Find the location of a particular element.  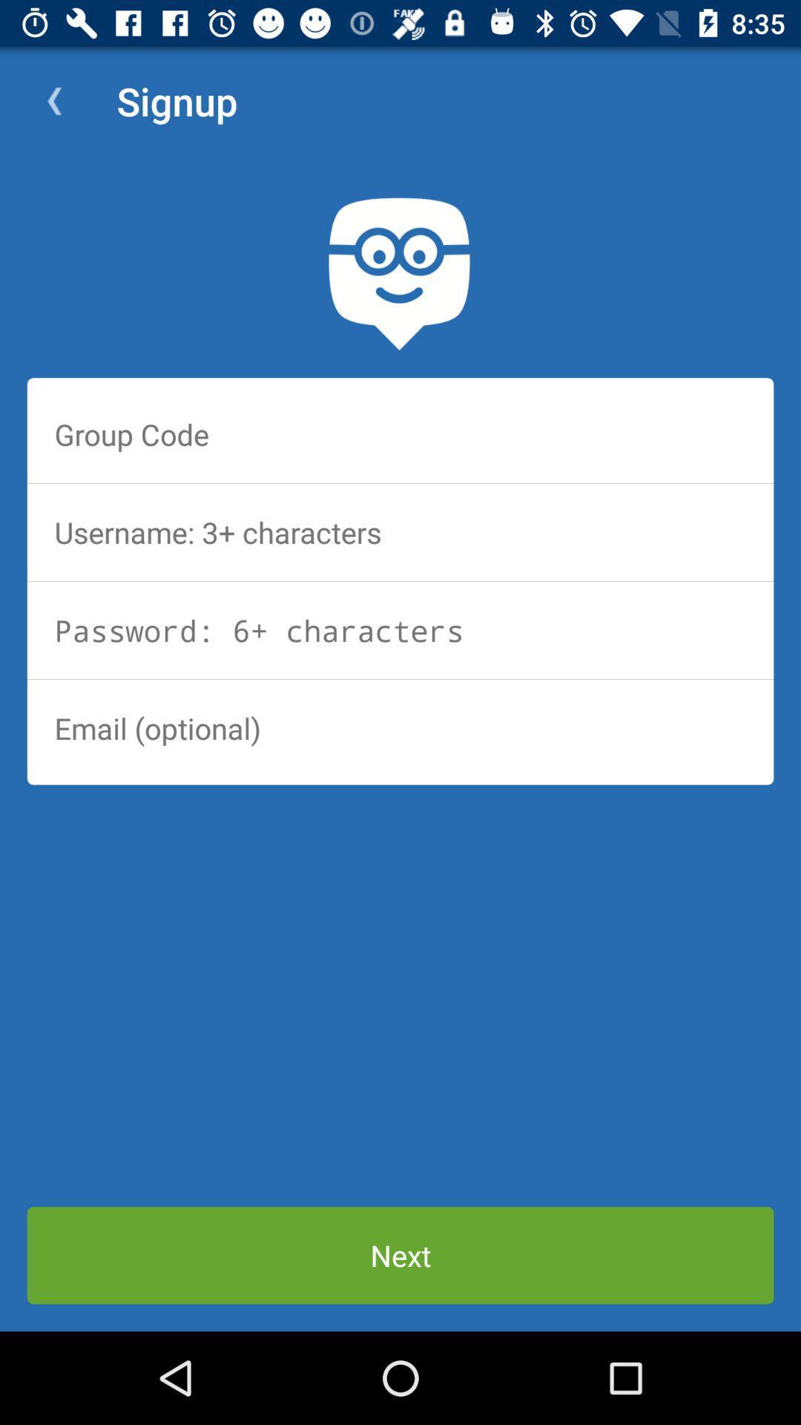

username entry is located at coordinates (400, 532).